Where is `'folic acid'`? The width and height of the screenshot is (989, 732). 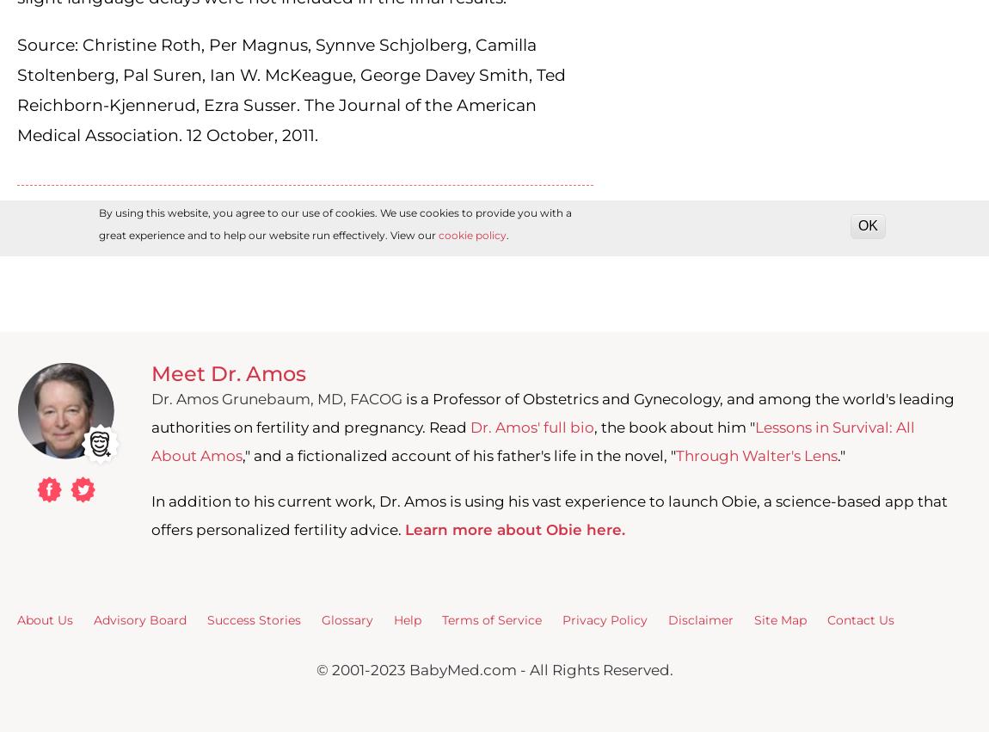 'folic acid' is located at coordinates (157, 215).